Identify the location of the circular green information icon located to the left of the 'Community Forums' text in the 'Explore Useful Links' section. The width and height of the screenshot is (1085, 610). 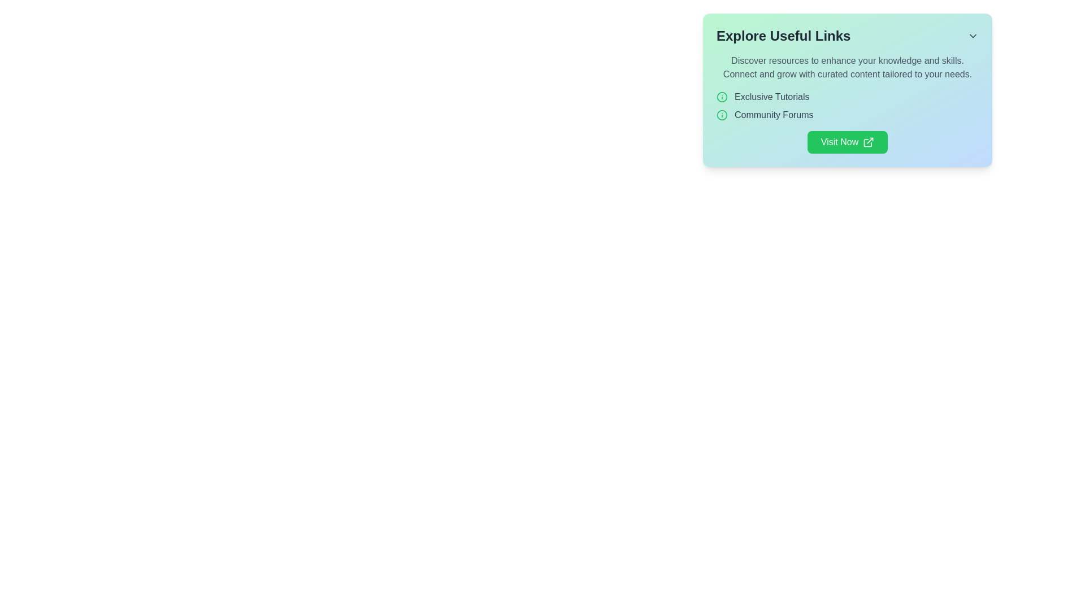
(721, 115).